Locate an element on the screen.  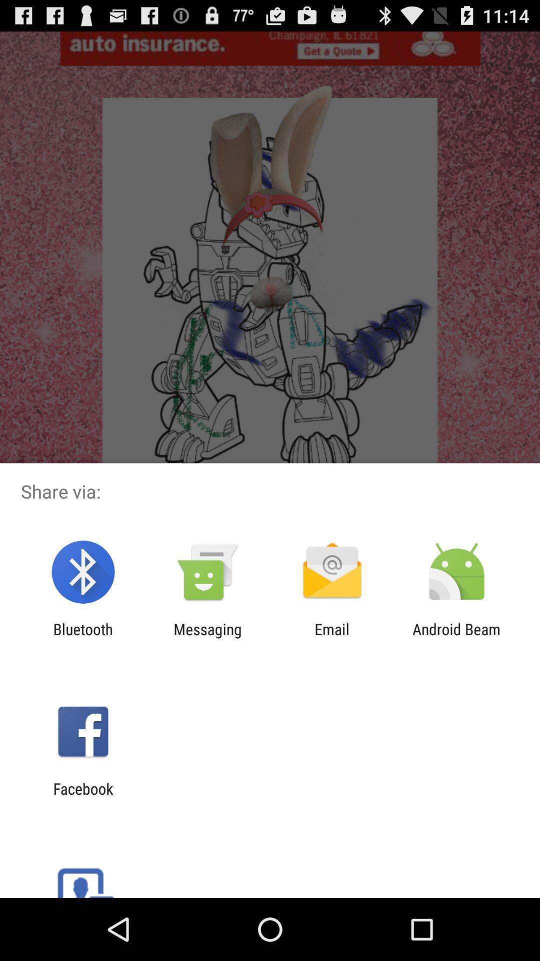
the item next to messaging item is located at coordinates (82, 638).